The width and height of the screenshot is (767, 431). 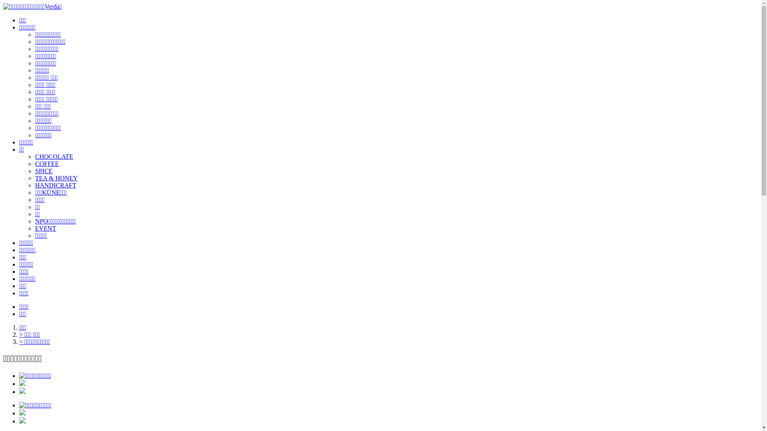 What do you see at coordinates (47, 163) in the screenshot?
I see `'COFFEE'` at bounding box center [47, 163].